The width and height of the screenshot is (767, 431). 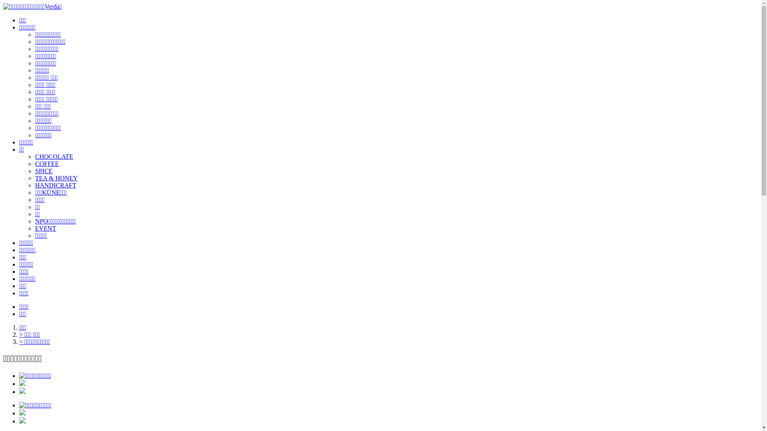 What do you see at coordinates (47, 163) in the screenshot?
I see `'COFFEE'` at bounding box center [47, 163].